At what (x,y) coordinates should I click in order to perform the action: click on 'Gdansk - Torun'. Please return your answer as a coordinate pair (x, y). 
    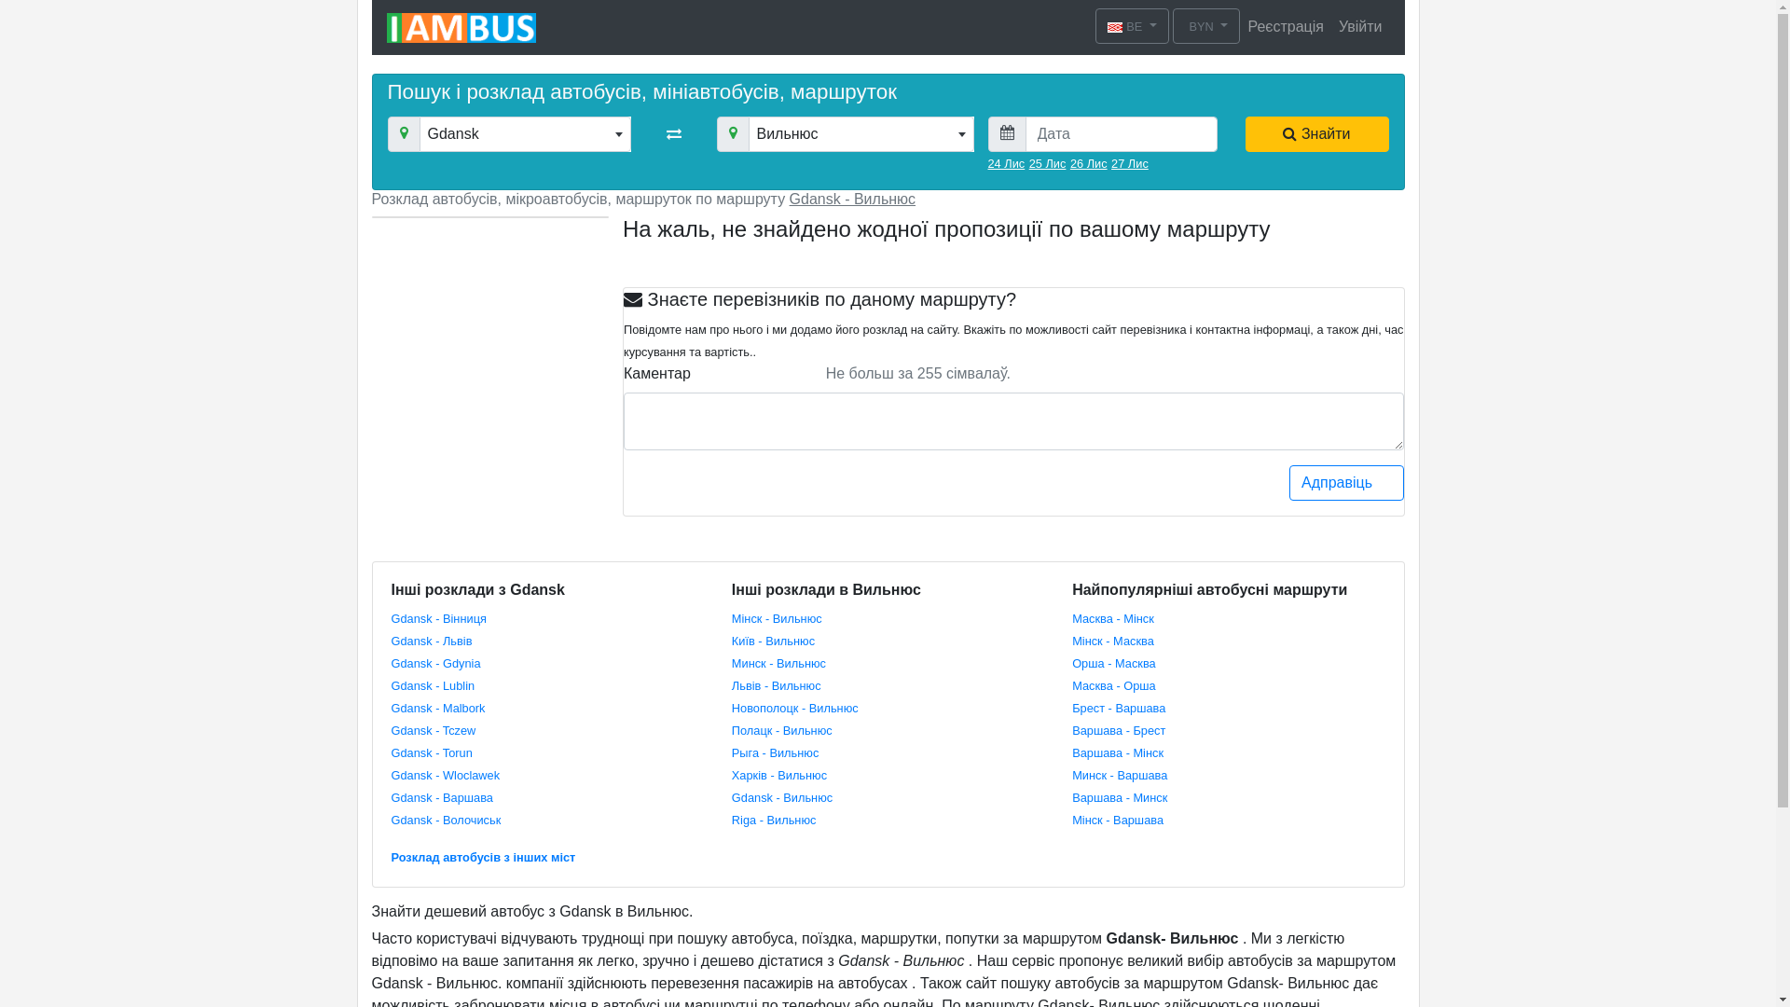
    Looking at the image, I should click on (431, 751).